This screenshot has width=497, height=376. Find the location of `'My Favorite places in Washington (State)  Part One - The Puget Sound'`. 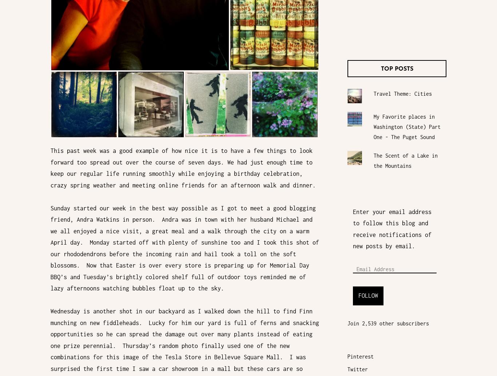

'My Favorite places in Washington (State)  Part One - The Puget Sound' is located at coordinates (407, 126).